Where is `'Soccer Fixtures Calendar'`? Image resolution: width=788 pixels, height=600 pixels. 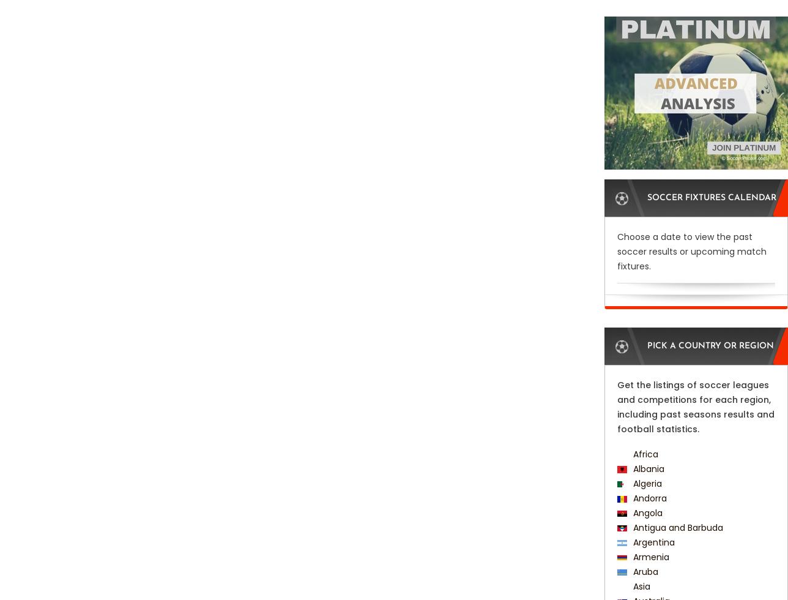 'Soccer Fixtures Calendar' is located at coordinates (712, 198).